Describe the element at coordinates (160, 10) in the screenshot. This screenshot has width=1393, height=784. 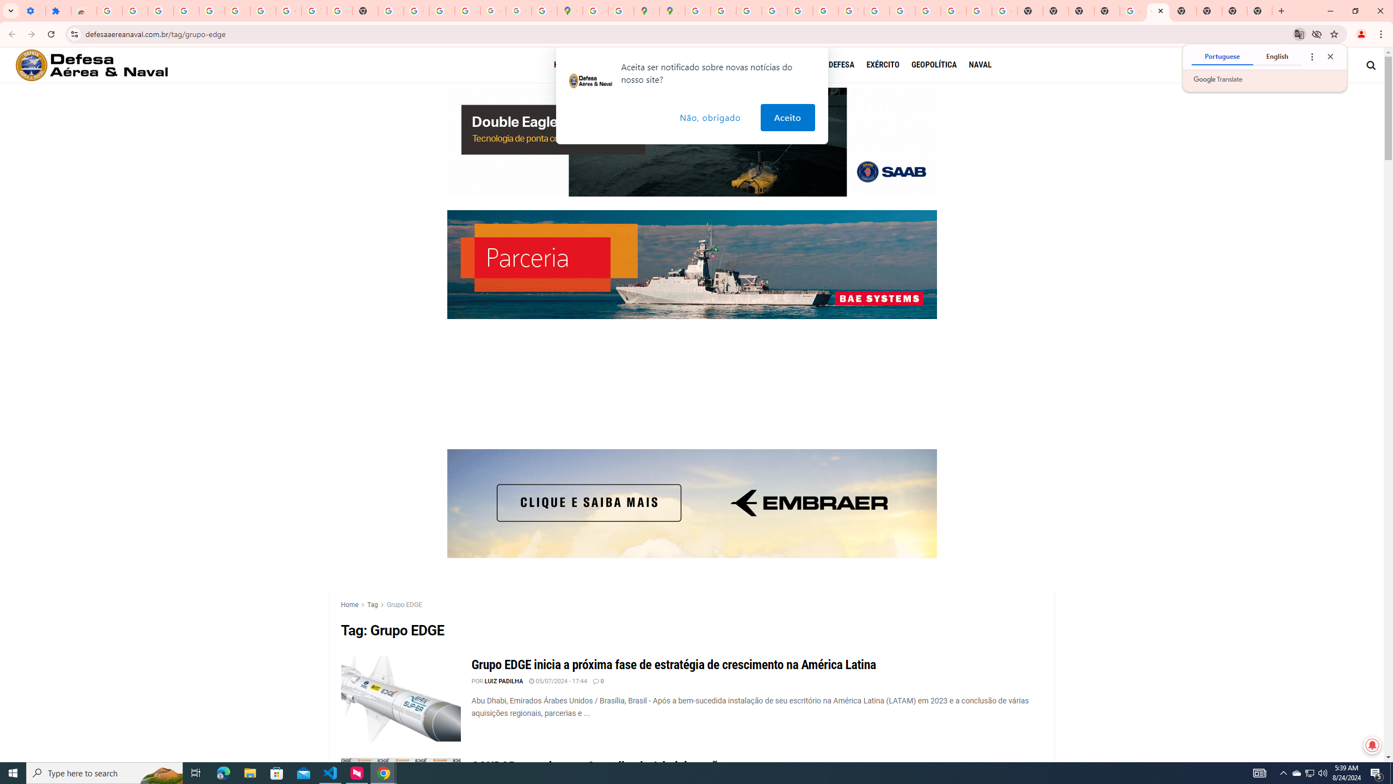
I see `'Delete photos & videos - Computer - Google Photos Help'` at that location.